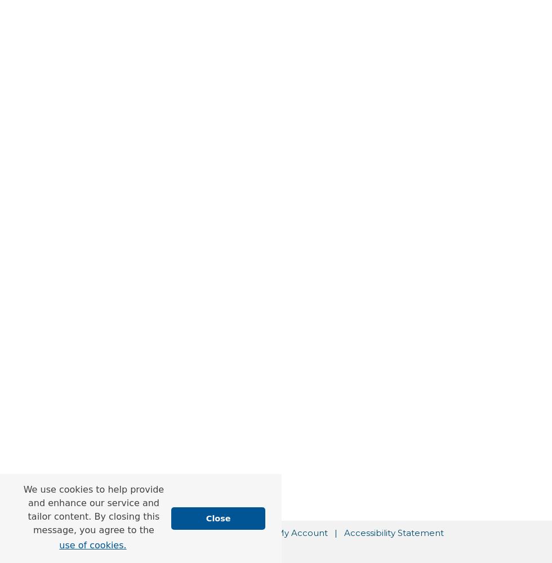  I want to click on 'We use cookies to help provide and enhance our service and tailor content. By closing this message, you agree to the', so click(94, 509).